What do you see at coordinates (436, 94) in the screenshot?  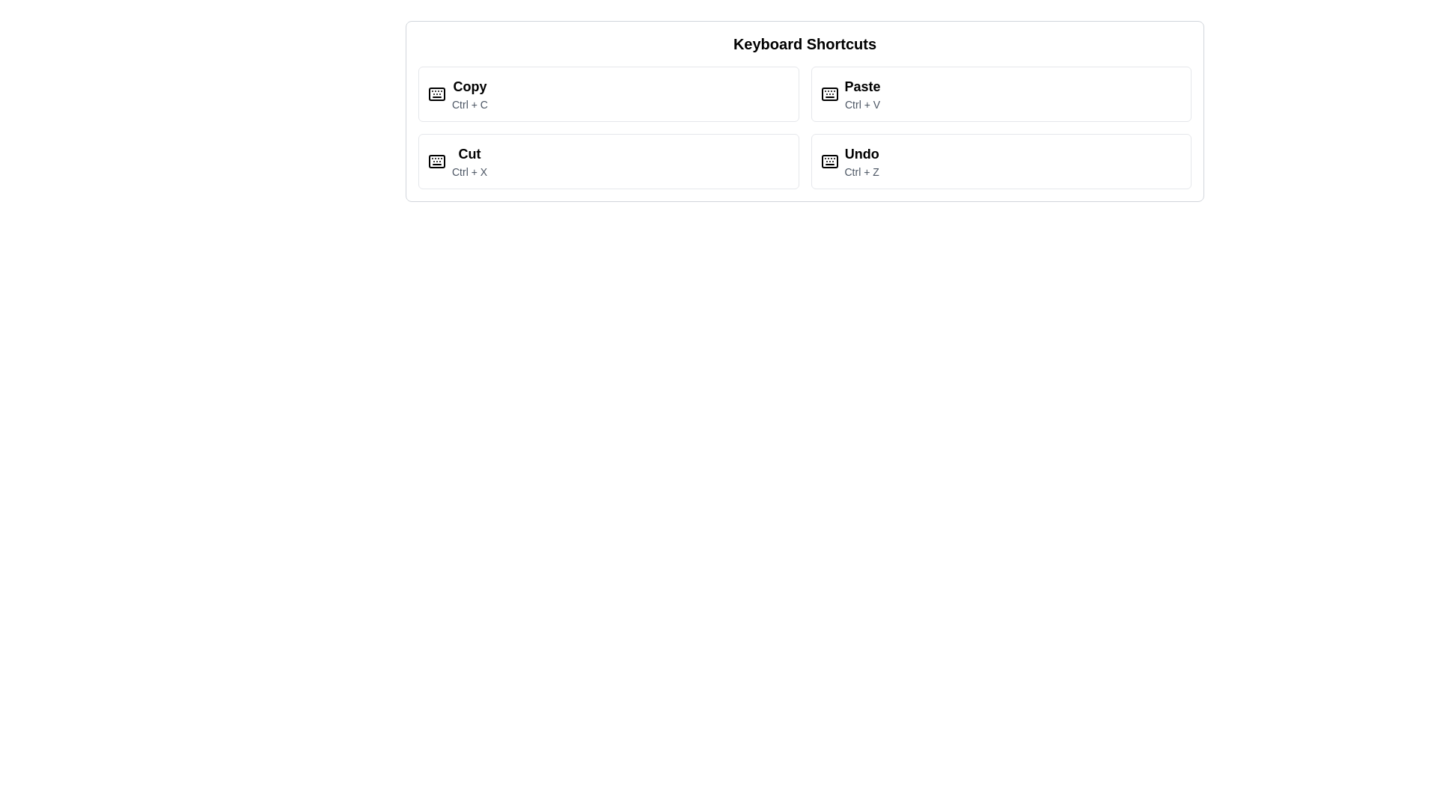 I see `the 'Copy' icon, which is an SVG graphic located to the left of the button labeled 'Copy'` at bounding box center [436, 94].